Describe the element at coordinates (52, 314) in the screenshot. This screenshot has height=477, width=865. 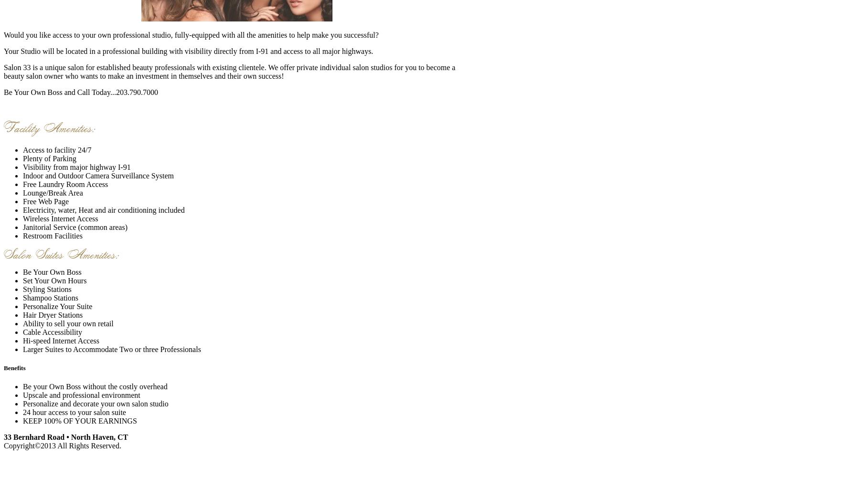
I see `'Hair Dryer Stations'` at that location.